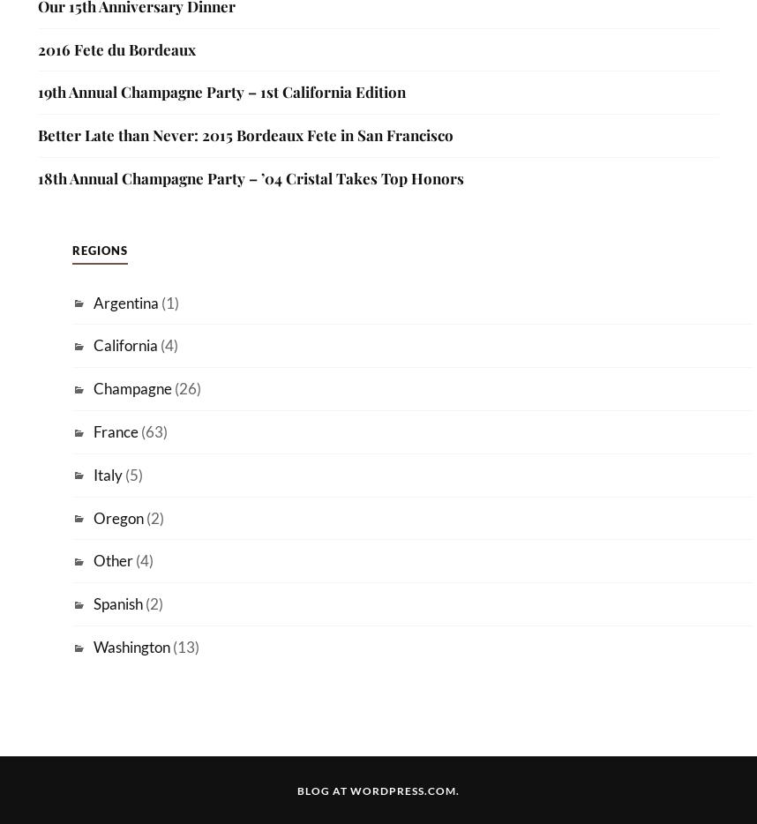 The width and height of the screenshot is (757, 824). Describe the element at coordinates (130, 646) in the screenshot. I see `'Washington'` at that location.